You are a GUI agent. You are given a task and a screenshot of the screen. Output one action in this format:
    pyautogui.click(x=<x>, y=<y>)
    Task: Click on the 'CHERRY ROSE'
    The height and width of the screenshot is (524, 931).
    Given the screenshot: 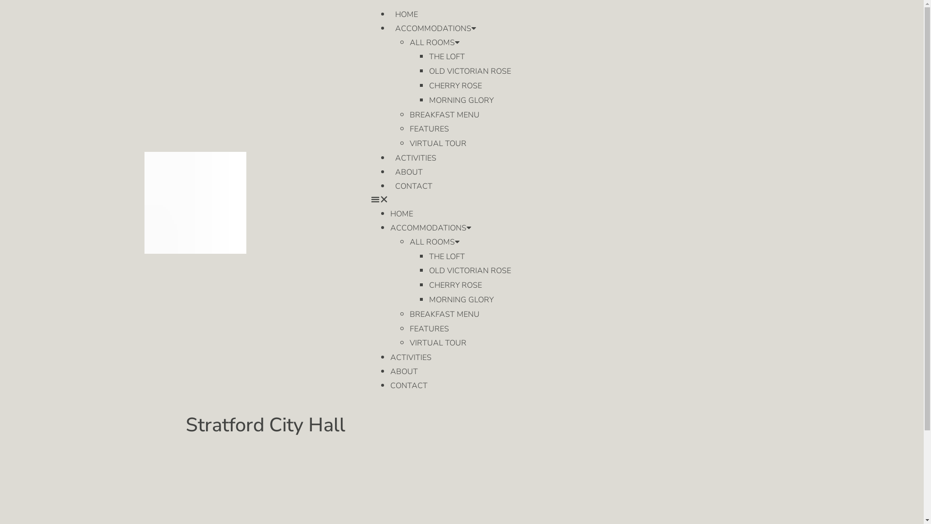 What is the action you would take?
    pyautogui.click(x=455, y=284)
    